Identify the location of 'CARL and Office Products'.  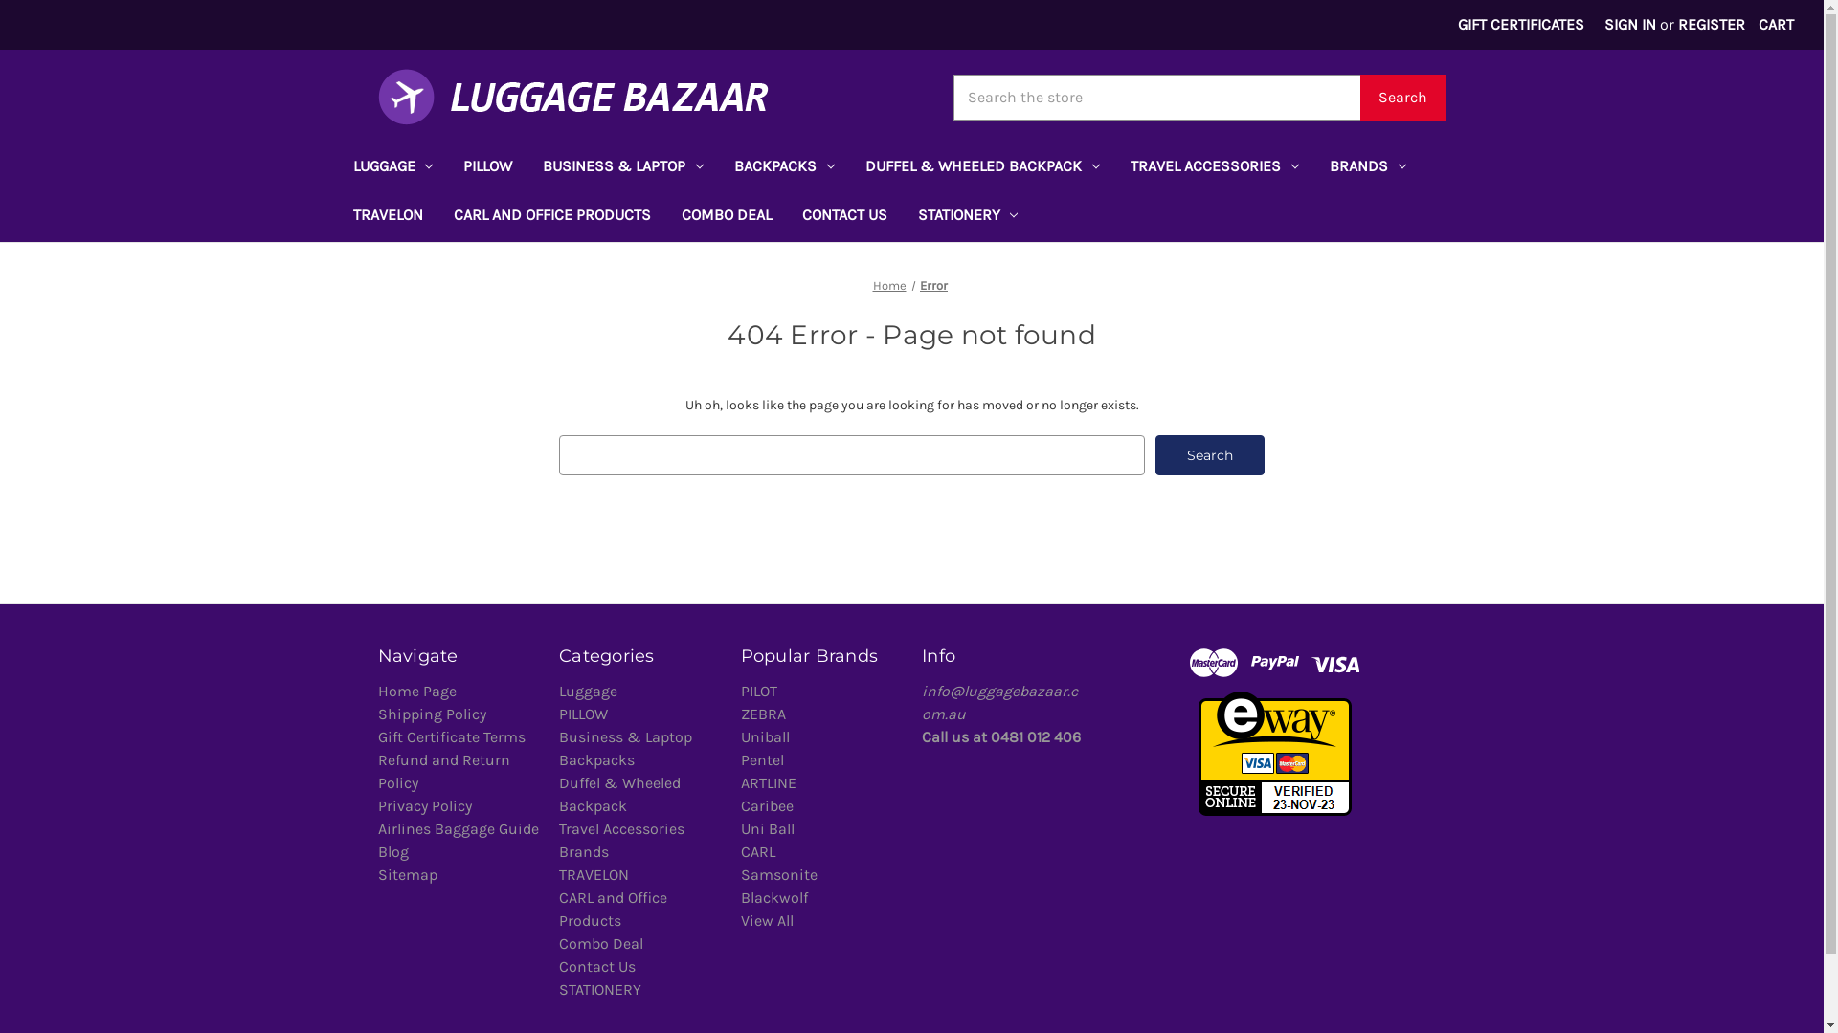
(558, 908).